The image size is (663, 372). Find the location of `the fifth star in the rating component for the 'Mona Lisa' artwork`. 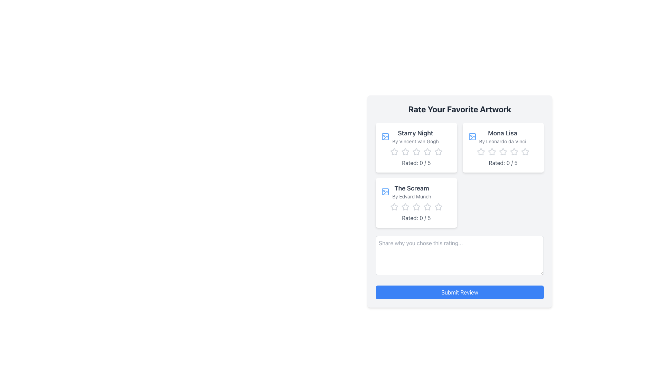

the fifth star in the rating component for the 'Mona Lisa' artwork is located at coordinates (525, 151).